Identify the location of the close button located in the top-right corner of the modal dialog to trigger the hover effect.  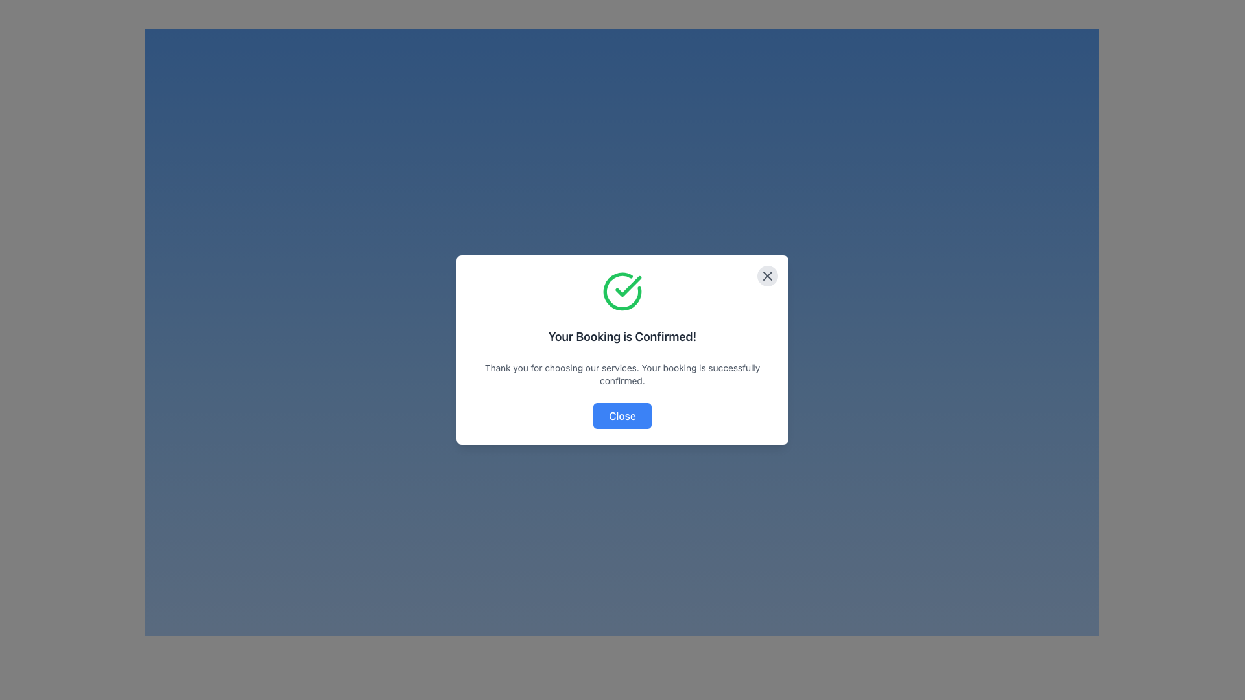
(768, 275).